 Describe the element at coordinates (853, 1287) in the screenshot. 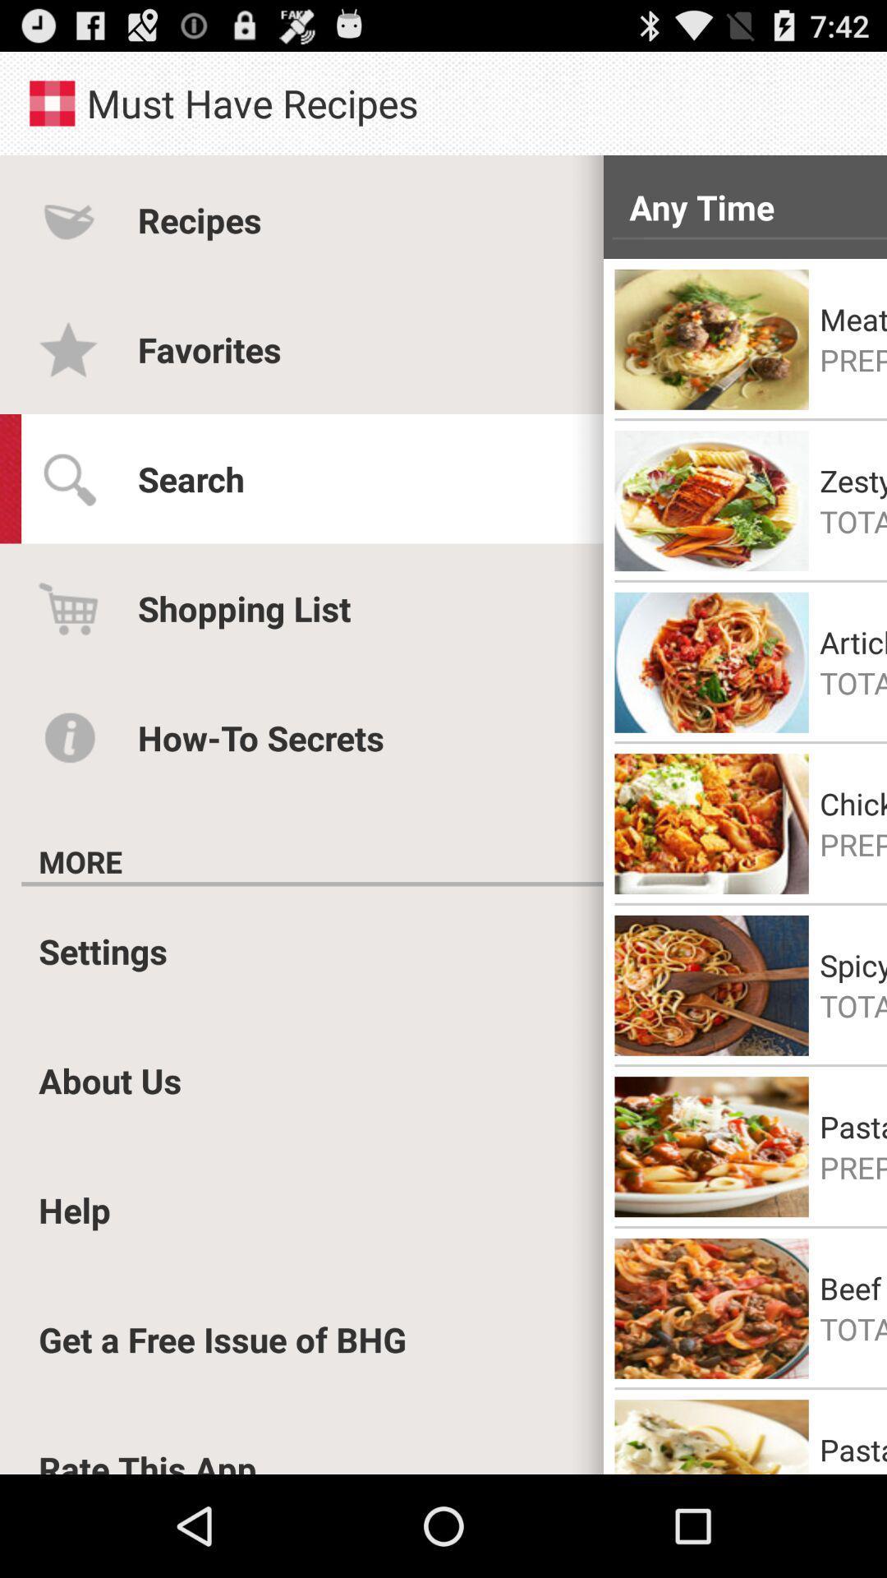

I see `the beef and pasta` at that location.